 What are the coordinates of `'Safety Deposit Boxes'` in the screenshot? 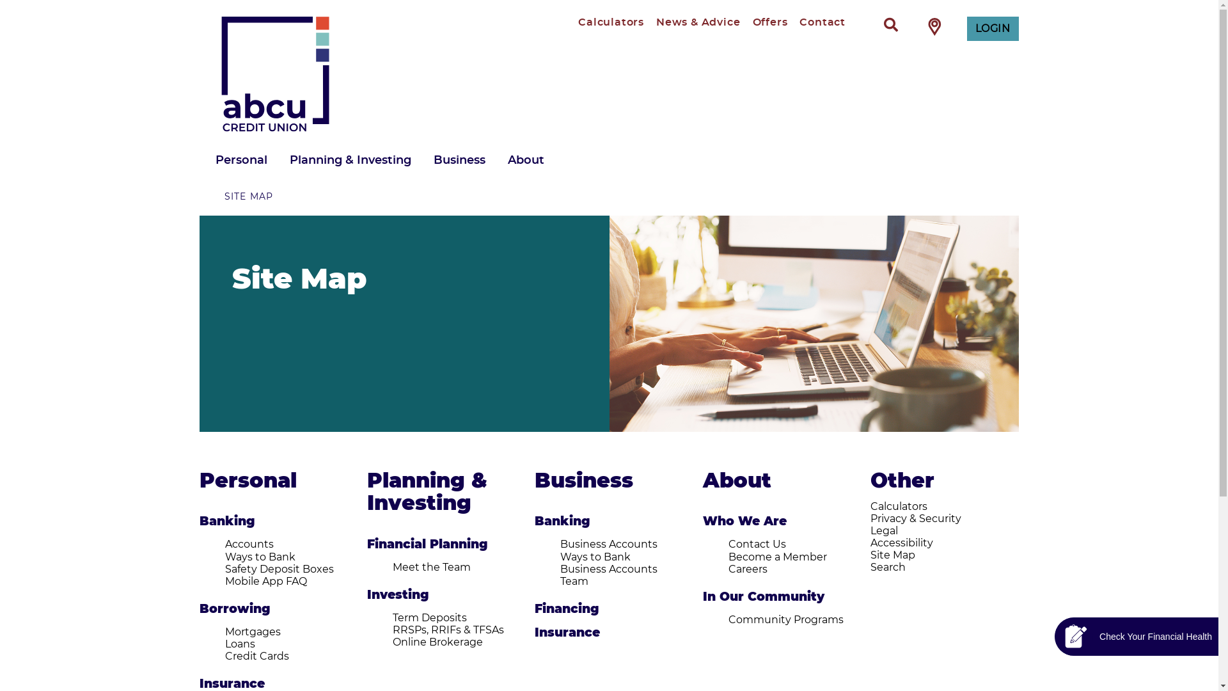 It's located at (224, 569).